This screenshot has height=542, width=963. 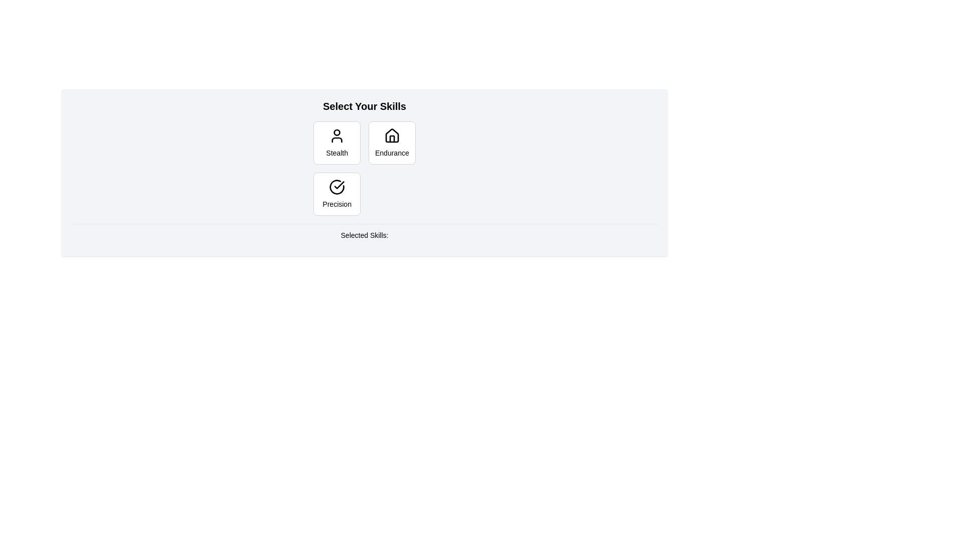 I want to click on text content of the descriptive label located at the bottom of the top-left card in a grid layout, which has a light gray border and rounded corners, so click(x=337, y=153).